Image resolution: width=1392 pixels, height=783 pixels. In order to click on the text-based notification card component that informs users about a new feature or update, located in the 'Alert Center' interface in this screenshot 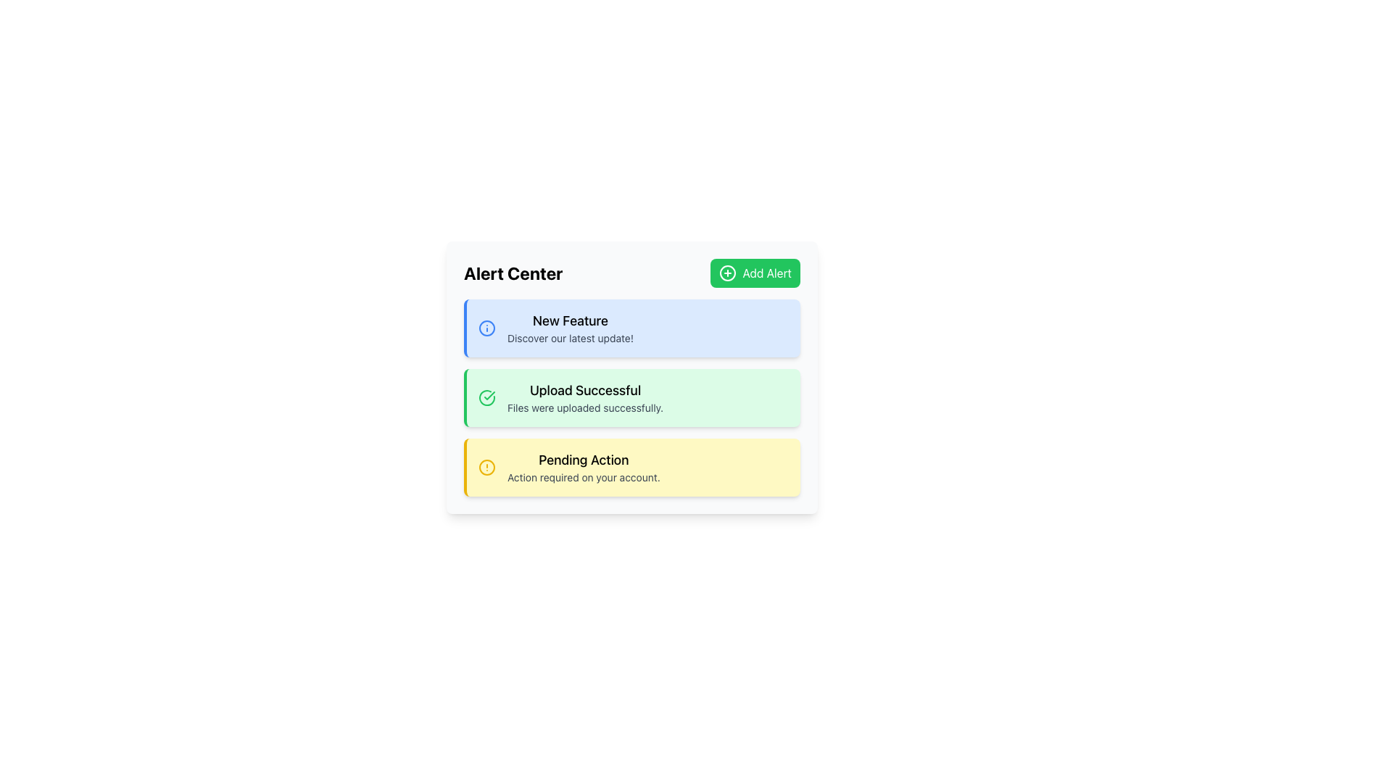, I will do `click(570, 328)`.